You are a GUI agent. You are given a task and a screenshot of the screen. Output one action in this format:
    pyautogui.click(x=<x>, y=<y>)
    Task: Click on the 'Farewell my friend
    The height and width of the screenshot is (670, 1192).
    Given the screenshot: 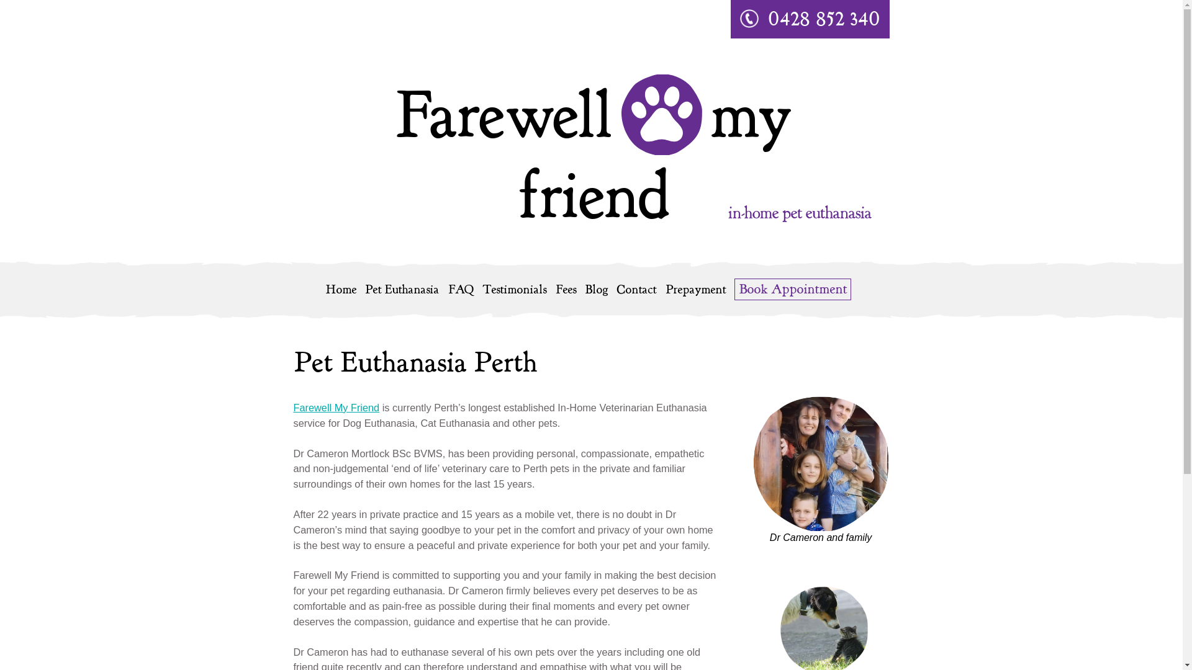 What is the action you would take?
    pyautogui.click(x=590, y=165)
    